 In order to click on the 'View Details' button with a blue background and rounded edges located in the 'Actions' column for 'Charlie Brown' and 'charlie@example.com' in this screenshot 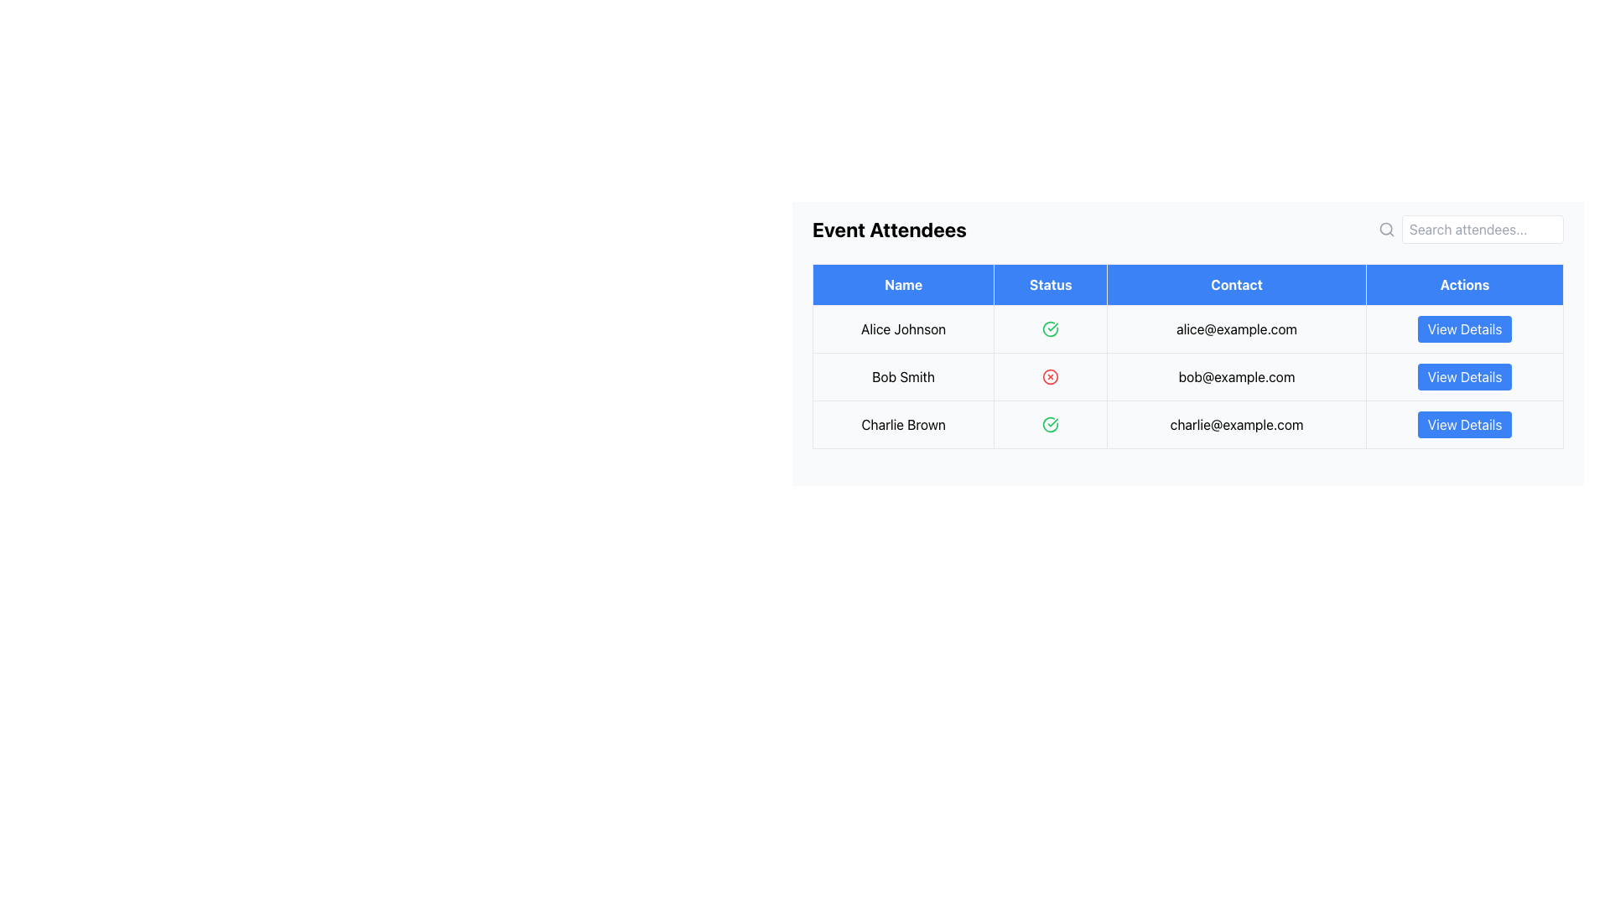, I will do `click(1464, 423)`.